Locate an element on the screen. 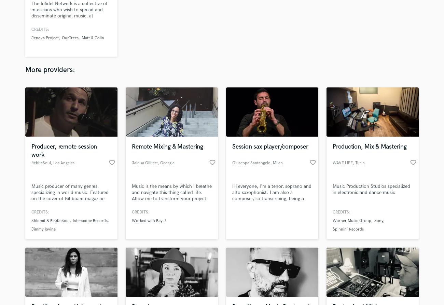 Image resolution: width=444 pixels, height=305 pixels. 'Spinnin' Records' is located at coordinates (348, 229).